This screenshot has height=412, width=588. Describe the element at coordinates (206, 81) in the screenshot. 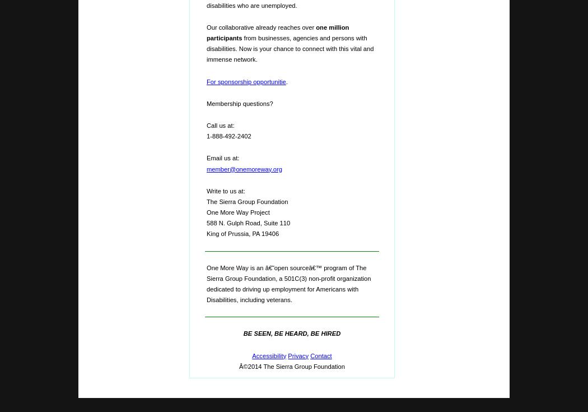

I see `'For sponsorship opportunitie'` at that location.